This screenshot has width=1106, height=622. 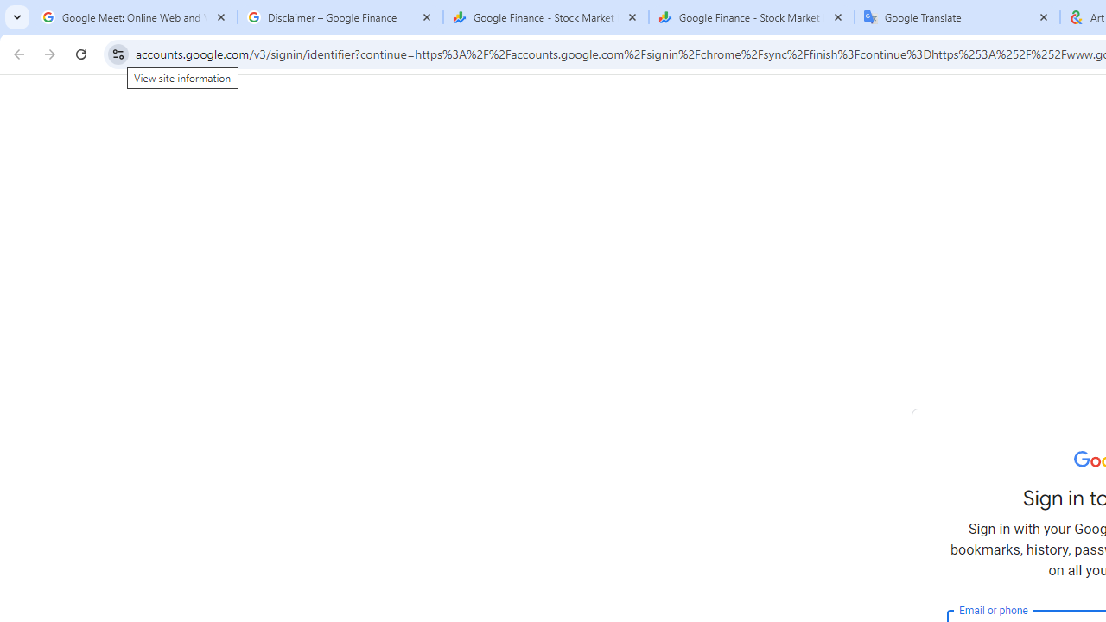 What do you see at coordinates (957, 17) in the screenshot?
I see `'Google Translate'` at bounding box center [957, 17].